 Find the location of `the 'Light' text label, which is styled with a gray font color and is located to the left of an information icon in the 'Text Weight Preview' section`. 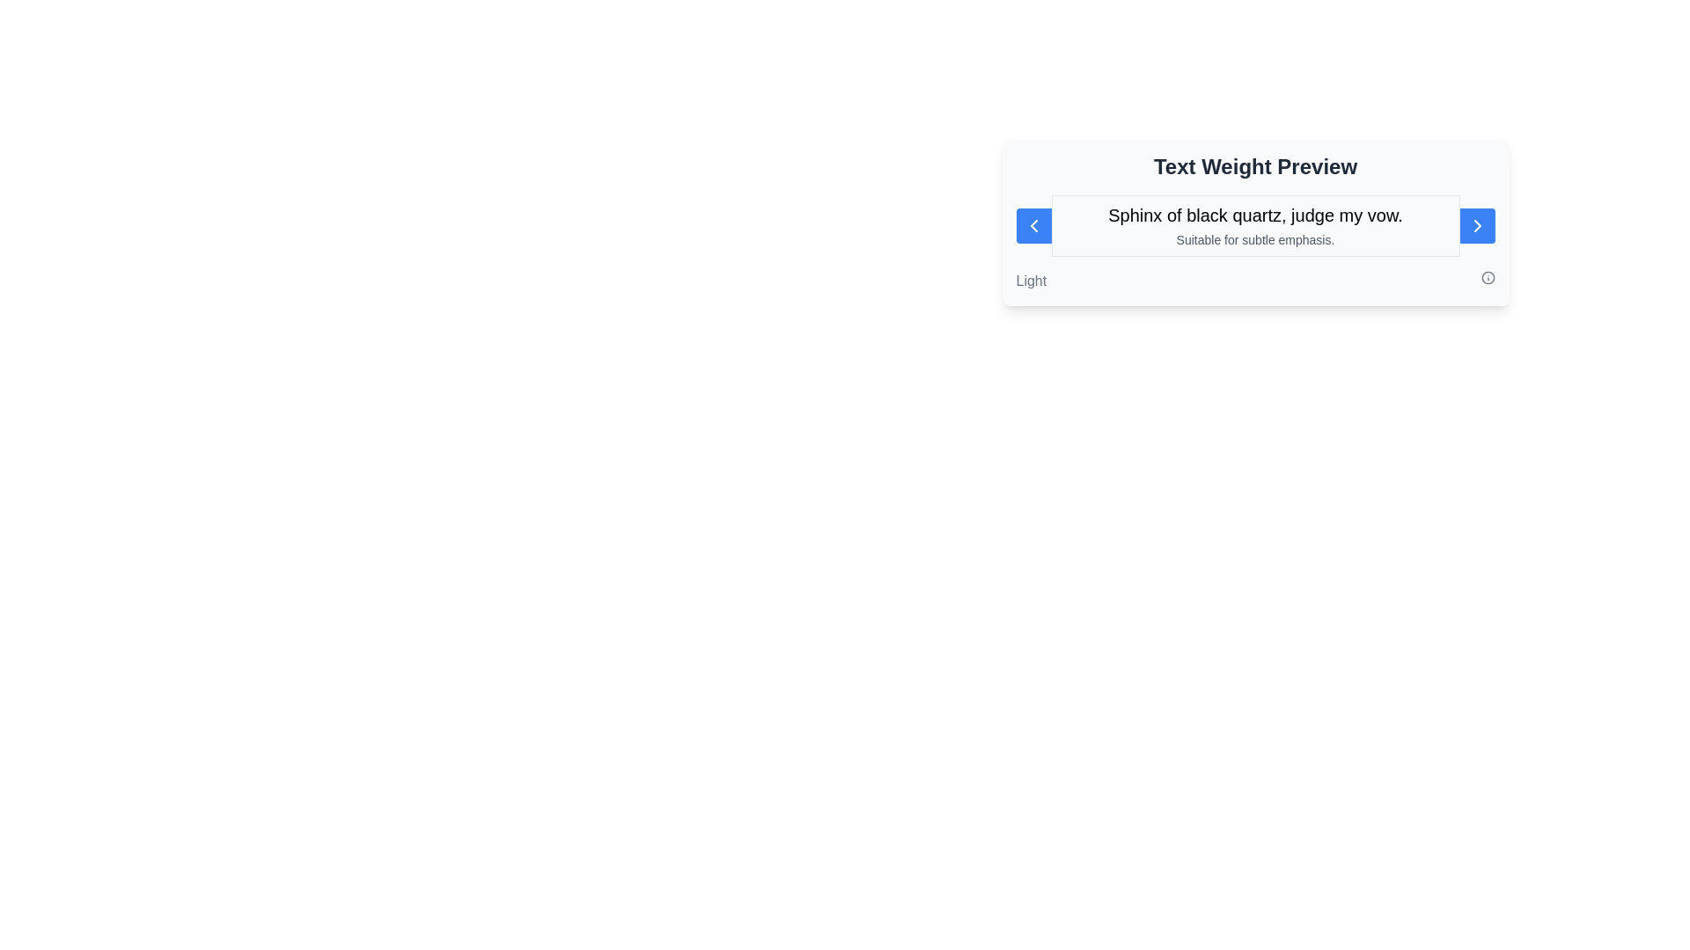

the 'Light' text label, which is styled with a gray font color and is located to the left of an information icon in the 'Text Weight Preview' section is located at coordinates (1031, 281).